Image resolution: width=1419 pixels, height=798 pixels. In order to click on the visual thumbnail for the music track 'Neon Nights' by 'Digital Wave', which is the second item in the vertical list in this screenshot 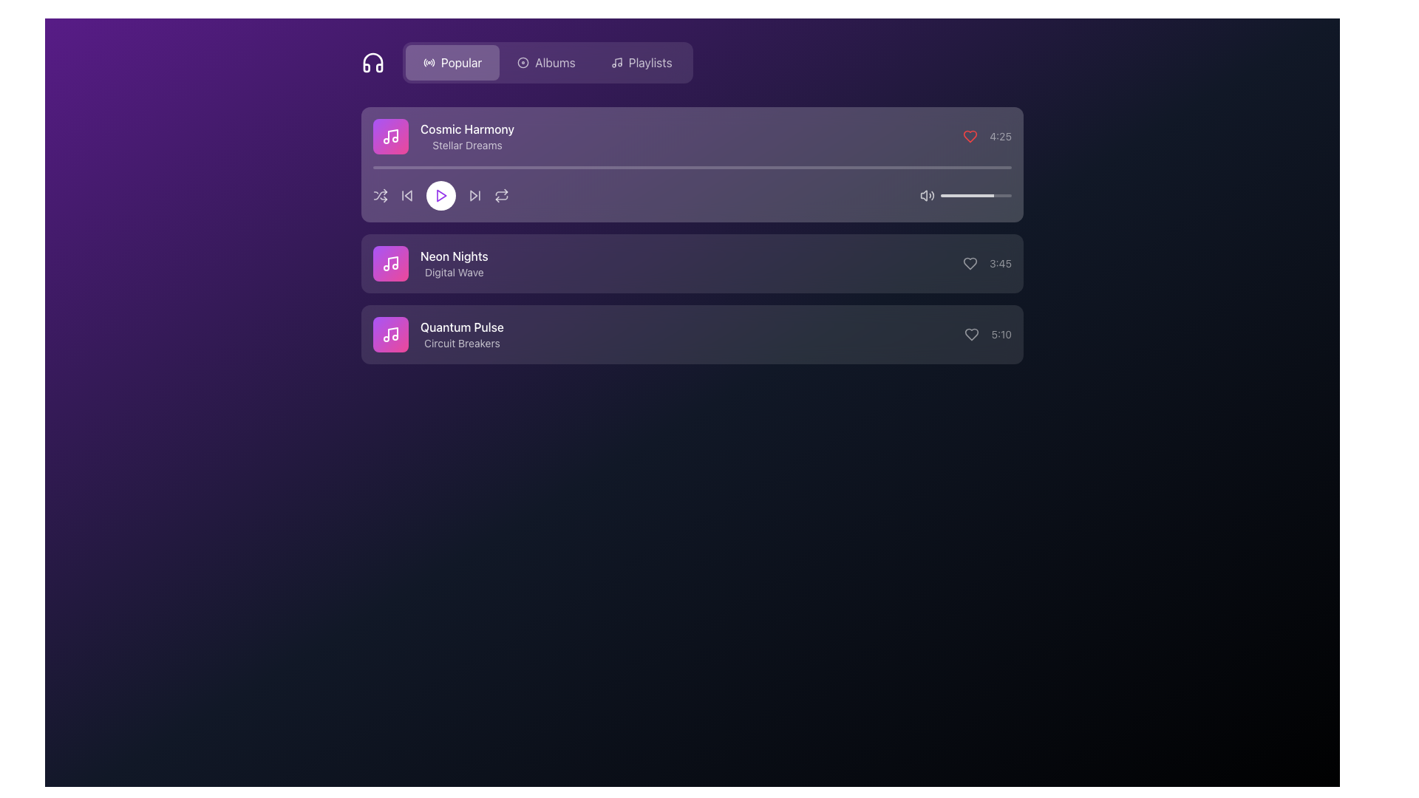, I will do `click(390, 263)`.